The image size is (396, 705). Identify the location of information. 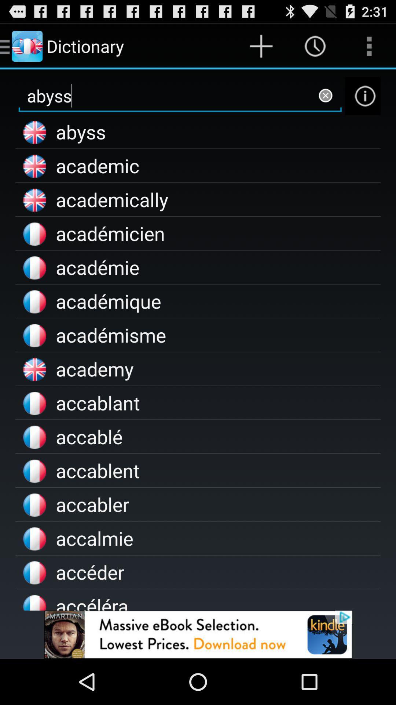
(362, 95).